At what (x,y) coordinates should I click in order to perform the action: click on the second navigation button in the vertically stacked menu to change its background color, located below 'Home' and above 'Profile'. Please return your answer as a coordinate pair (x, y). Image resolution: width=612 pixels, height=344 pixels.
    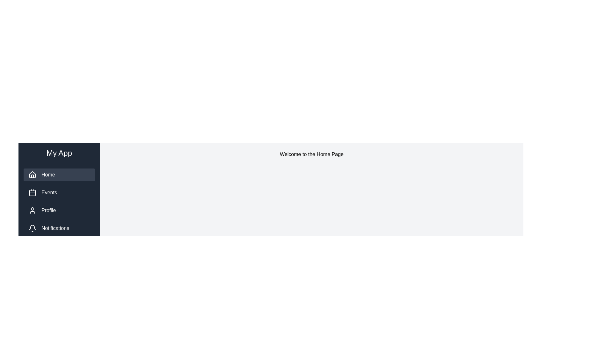
    Looking at the image, I should click on (59, 192).